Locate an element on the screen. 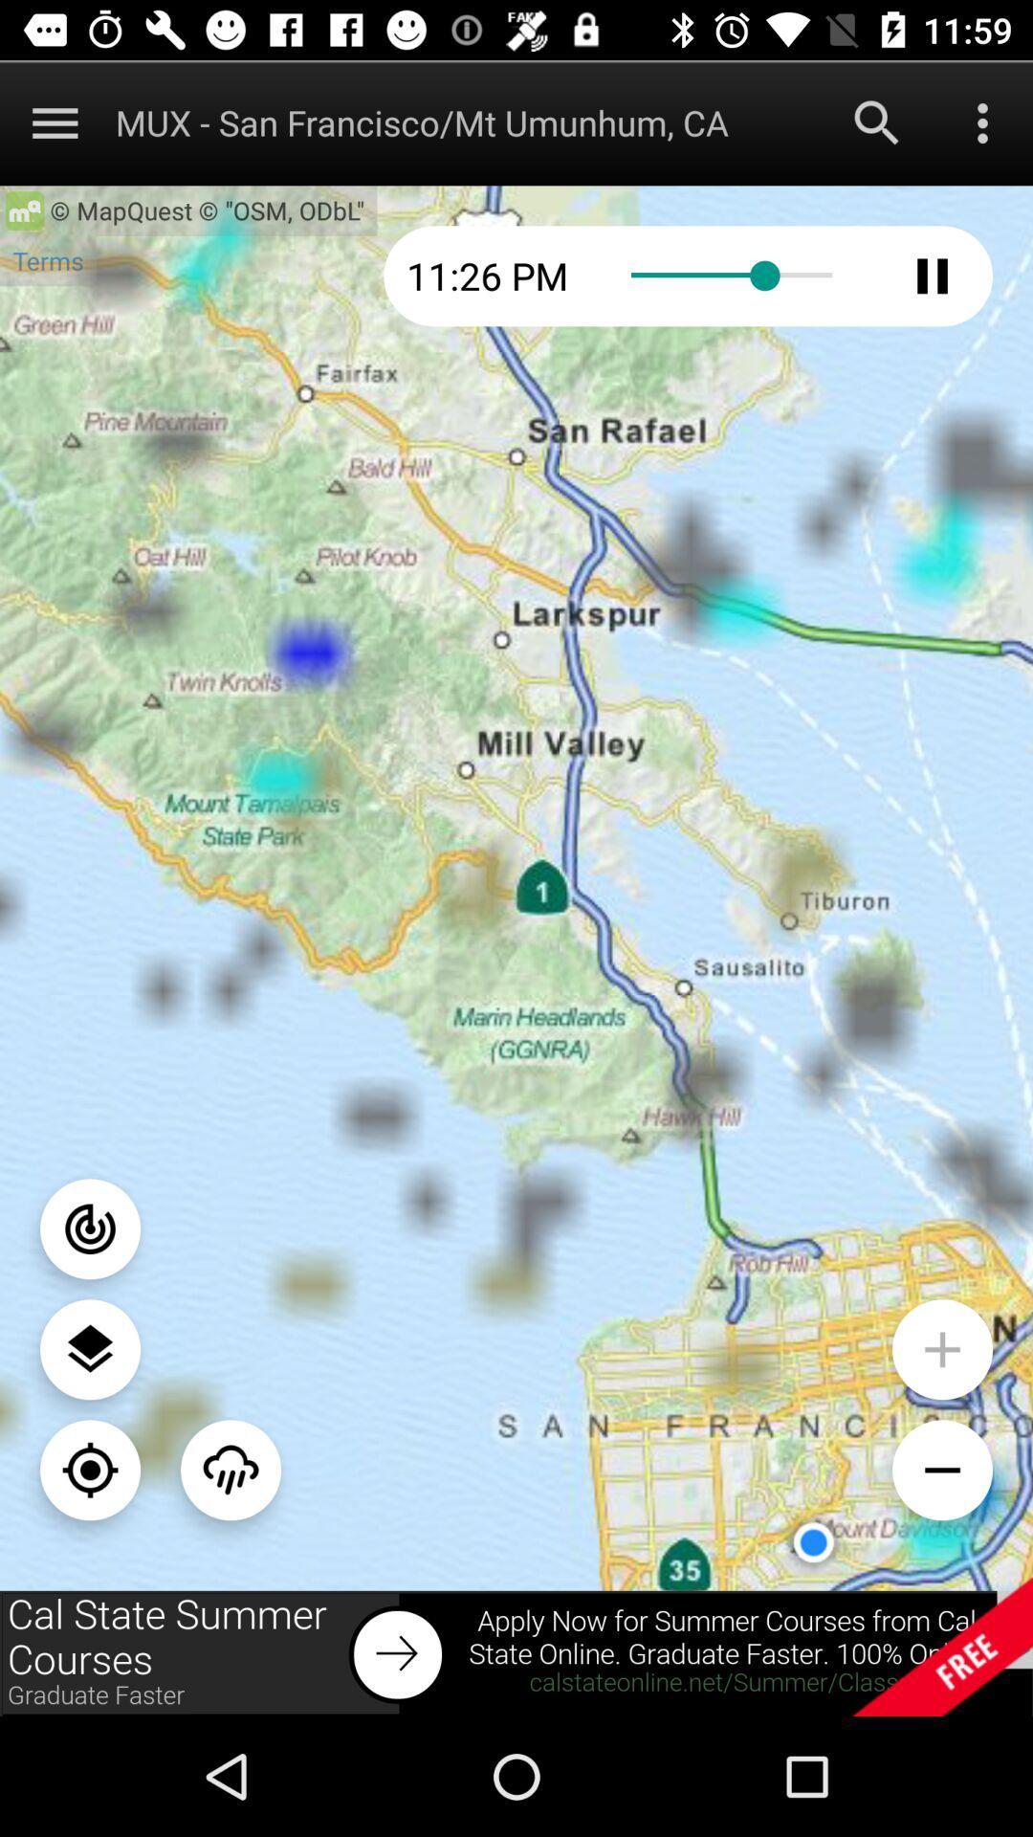  show options is located at coordinates (982, 122).